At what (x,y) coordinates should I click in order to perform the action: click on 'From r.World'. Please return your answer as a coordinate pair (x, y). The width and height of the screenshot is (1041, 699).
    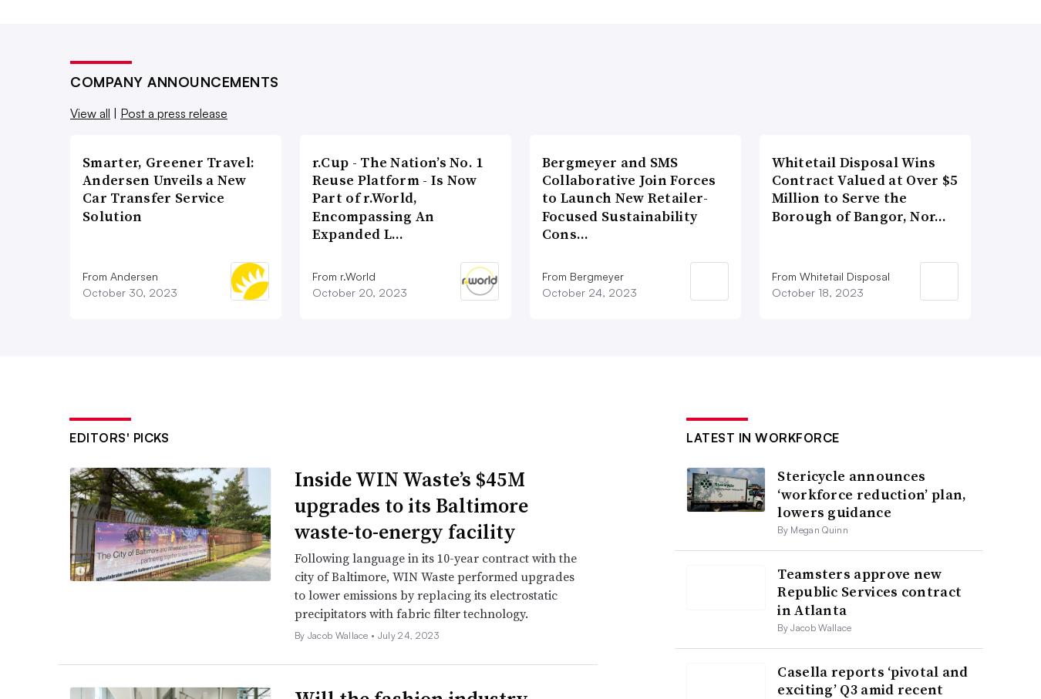
    Looking at the image, I should click on (342, 274).